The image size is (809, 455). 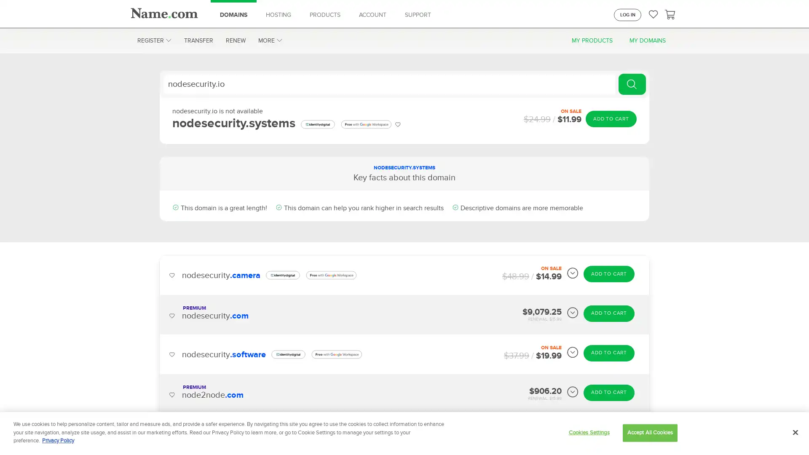 What do you see at coordinates (649, 432) in the screenshot?
I see `Accept All Cookies` at bounding box center [649, 432].